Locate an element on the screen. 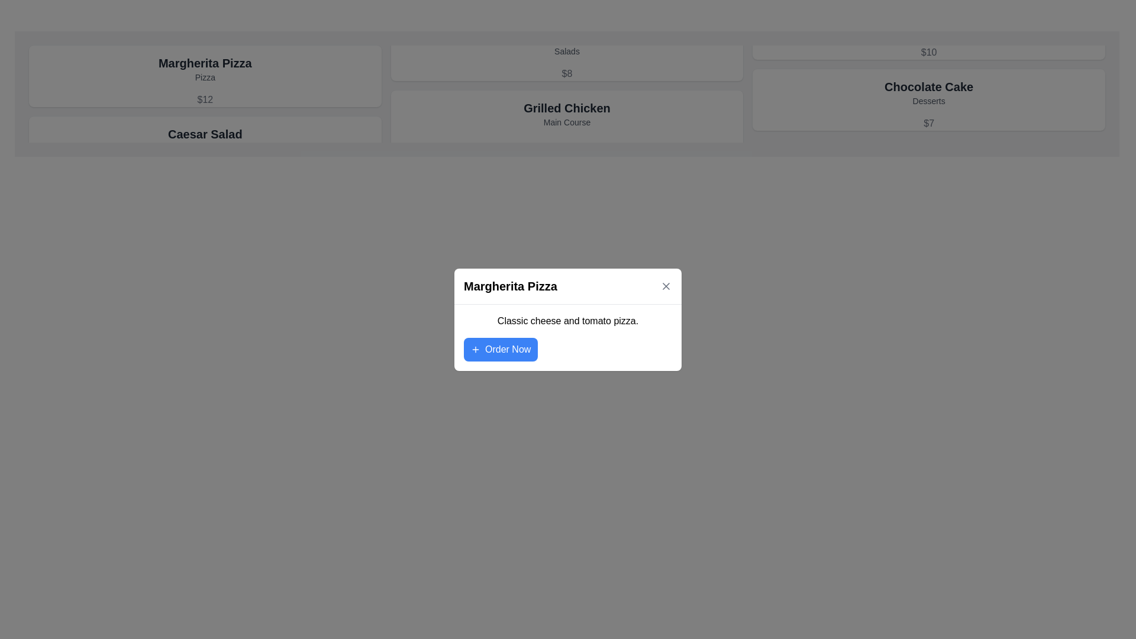 The height and width of the screenshot is (639, 1136). the text label reading 'Classic cheese and tomato pizza.' which is positioned below the heading 'Margherita Pizza' and above the 'Order Now' button in the pop-up box is located at coordinates (568, 321).